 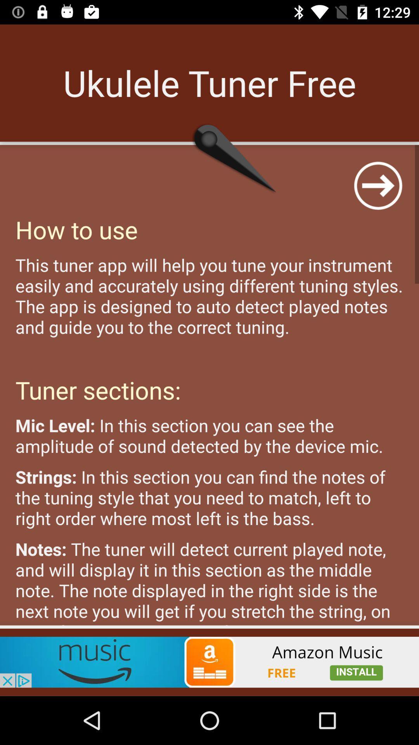 I want to click on the arrow_forward icon, so click(x=377, y=185).